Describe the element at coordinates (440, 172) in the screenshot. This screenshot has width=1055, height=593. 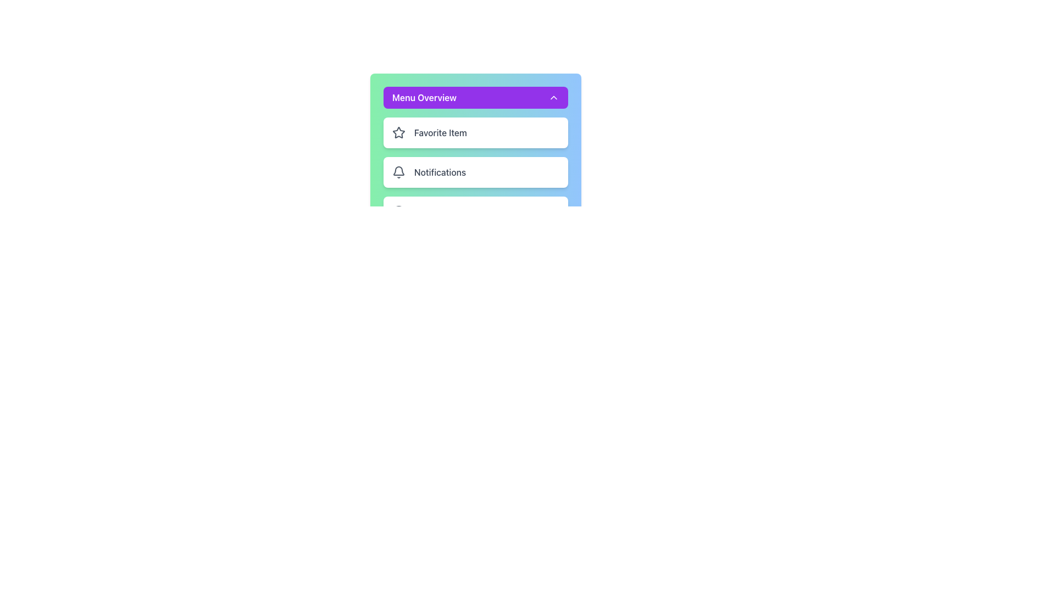
I see `the Text Label located on the right part of a rounded rectangular menu item, which indicates functionality and is positioned below a 'Favorite Item' option` at that location.